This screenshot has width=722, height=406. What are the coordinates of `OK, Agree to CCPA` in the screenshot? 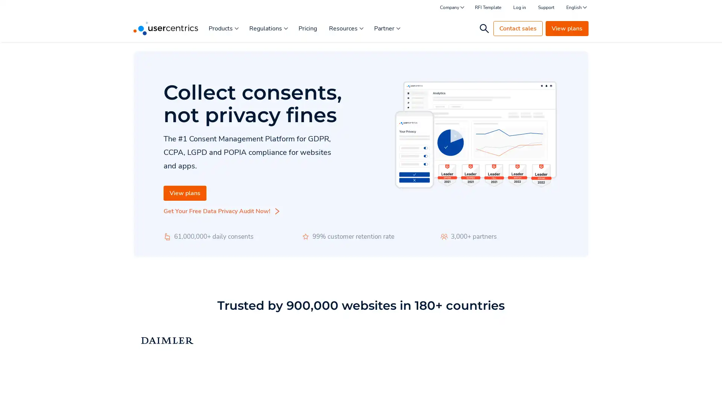 It's located at (557, 389).